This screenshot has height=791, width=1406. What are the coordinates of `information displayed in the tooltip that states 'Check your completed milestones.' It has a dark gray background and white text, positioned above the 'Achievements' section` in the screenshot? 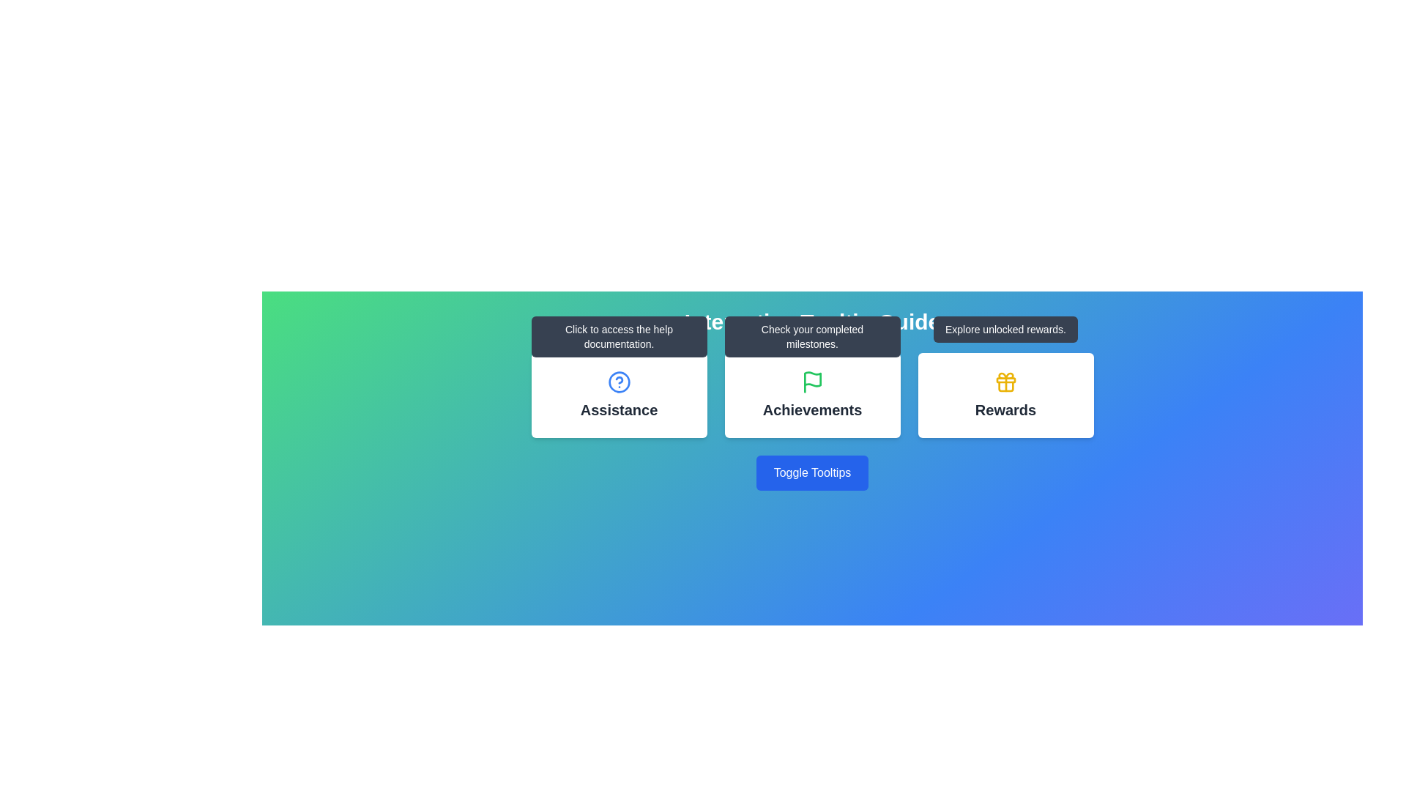 It's located at (811, 336).